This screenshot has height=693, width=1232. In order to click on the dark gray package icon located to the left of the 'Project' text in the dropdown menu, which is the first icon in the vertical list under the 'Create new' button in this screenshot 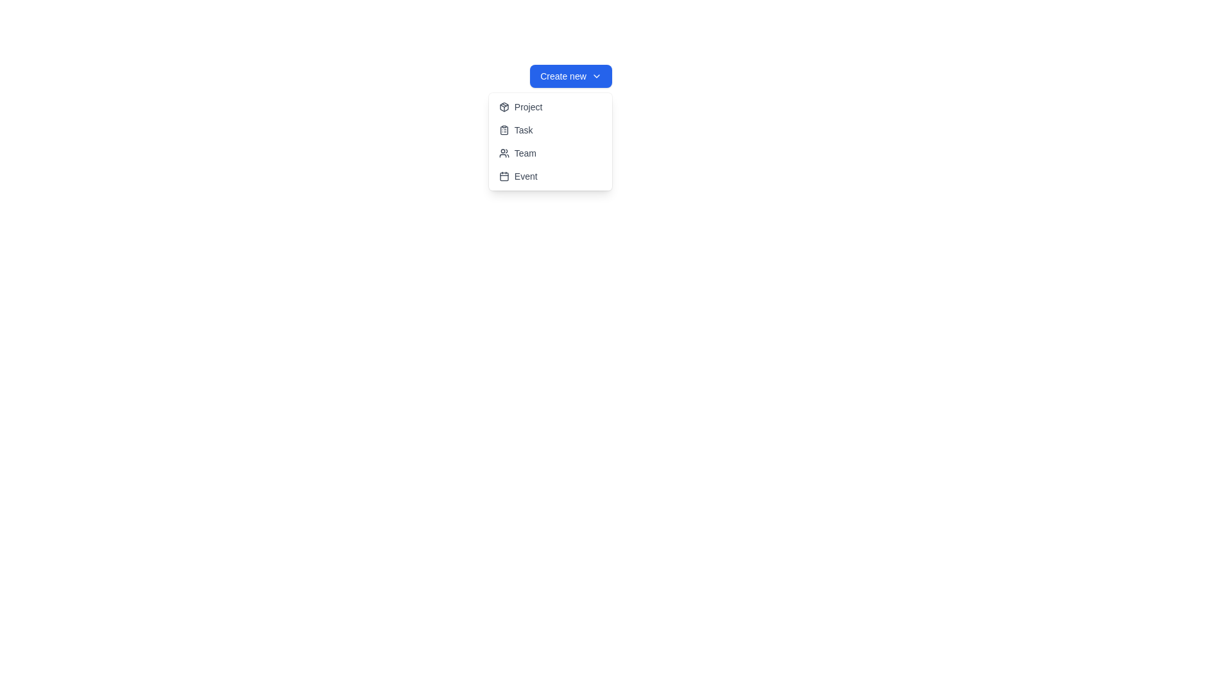, I will do `click(503, 106)`.